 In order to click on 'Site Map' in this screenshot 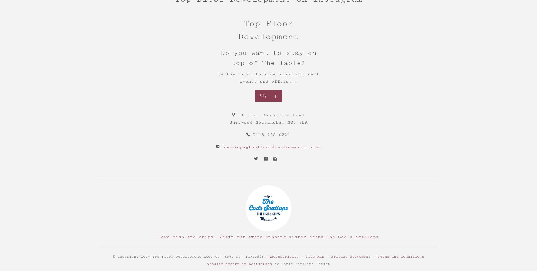, I will do `click(305, 256)`.